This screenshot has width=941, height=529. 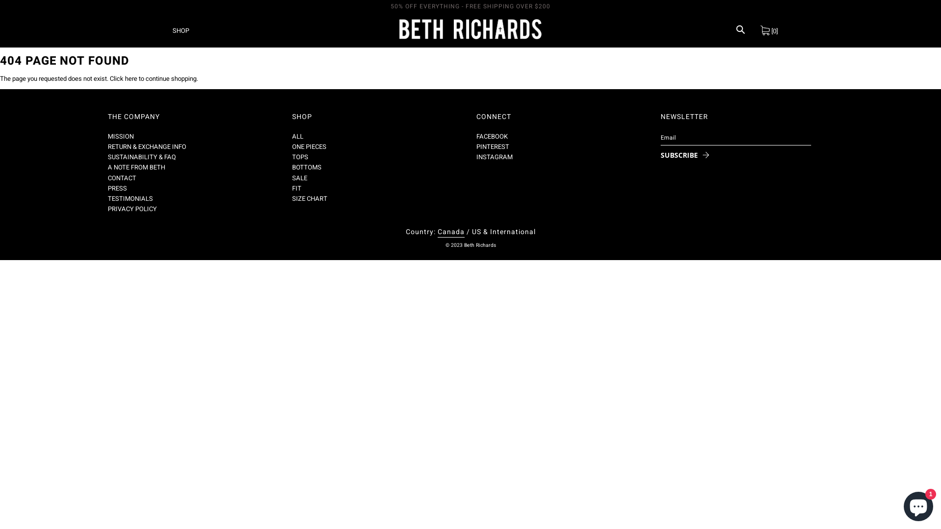 I want to click on 'TOPS', so click(x=299, y=156).